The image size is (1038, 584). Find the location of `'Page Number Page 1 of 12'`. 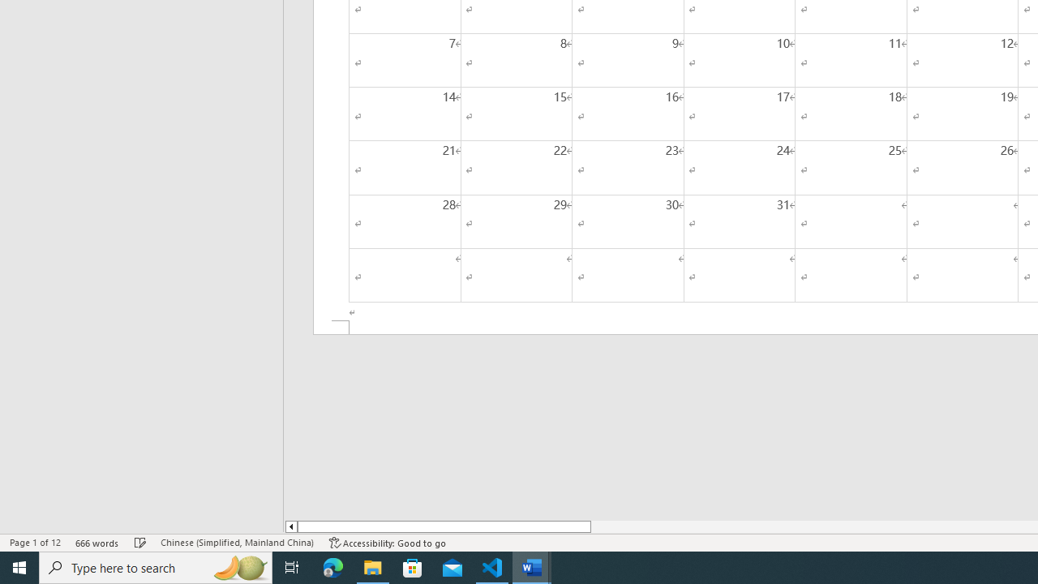

'Page Number Page 1 of 12' is located at coordinates (35, 543).